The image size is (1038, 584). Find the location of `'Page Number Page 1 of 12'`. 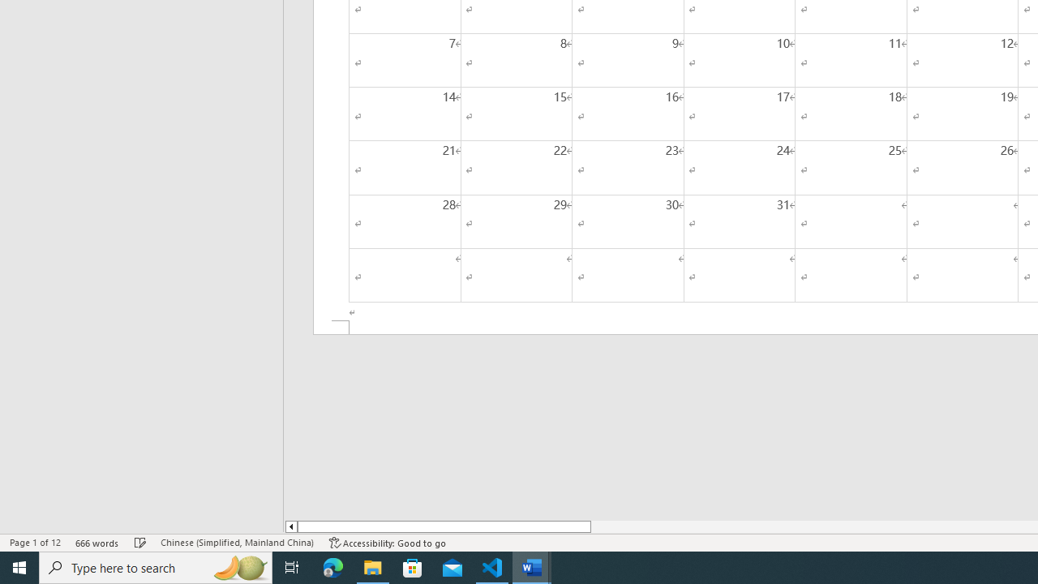

'Page Number Page 1 of 12' is located at coordinates (35, 543).